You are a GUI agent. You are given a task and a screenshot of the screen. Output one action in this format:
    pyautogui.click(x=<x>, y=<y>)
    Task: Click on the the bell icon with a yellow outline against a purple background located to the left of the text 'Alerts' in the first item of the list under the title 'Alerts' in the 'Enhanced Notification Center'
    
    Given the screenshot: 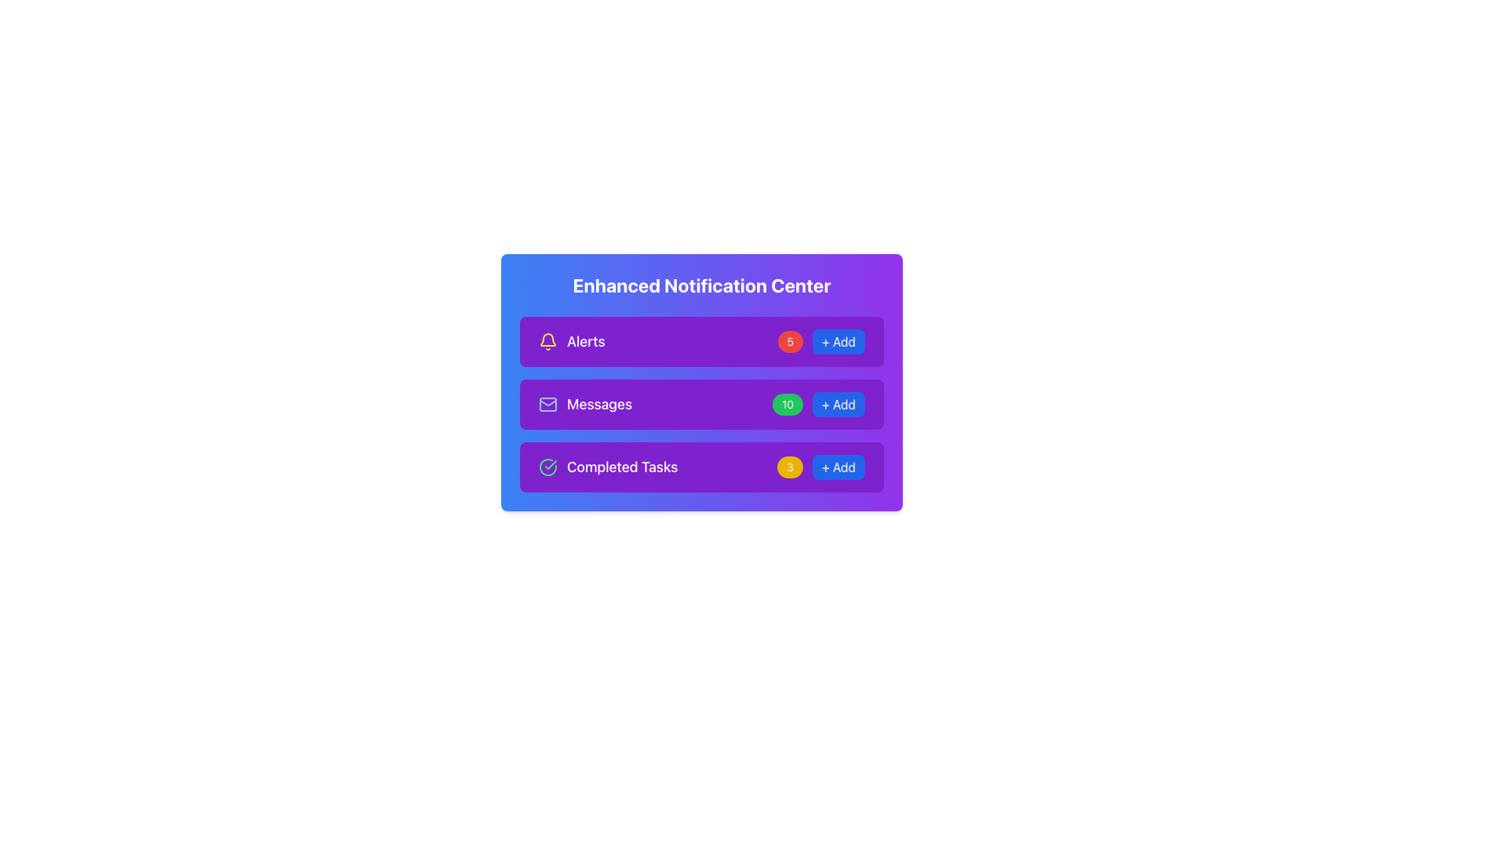 What is the action you would take?
    pyautogui.click(x=548, y=340)
    